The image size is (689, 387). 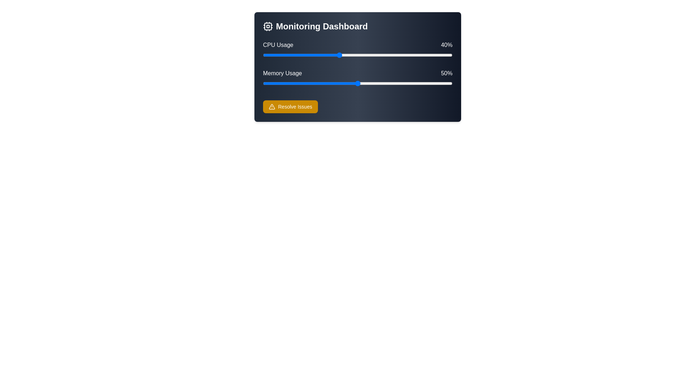 I want to click on the memory usage range slider control, which is currently set at 50%, so click(x=358, y=78).